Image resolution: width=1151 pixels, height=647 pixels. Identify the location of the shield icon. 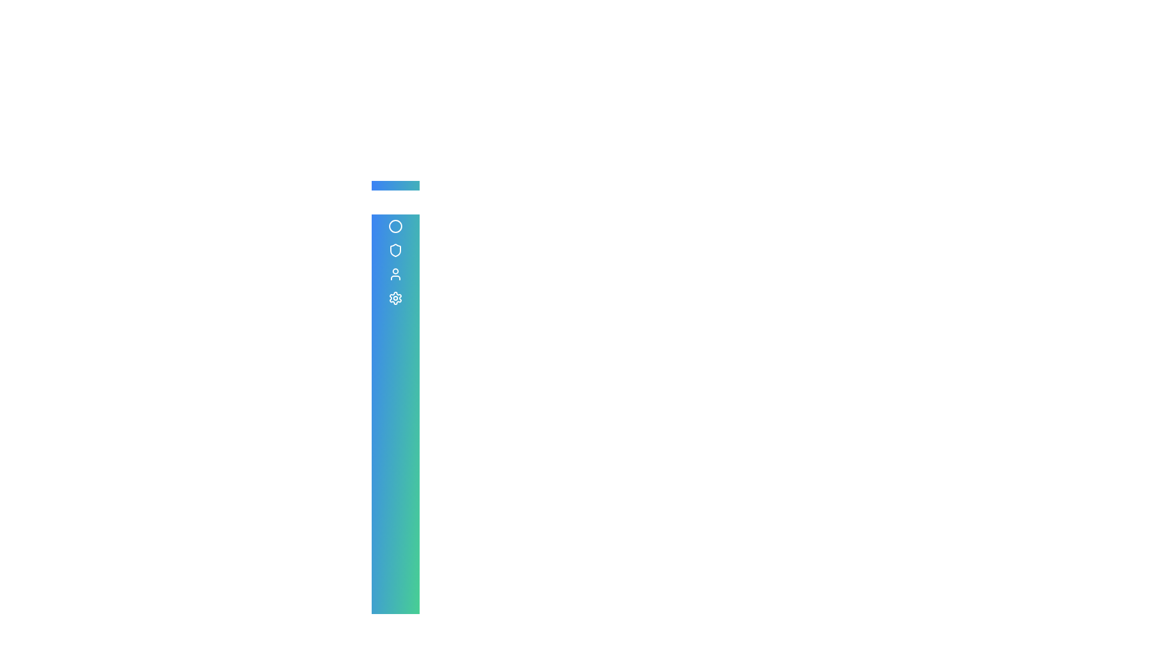
(396, 249).